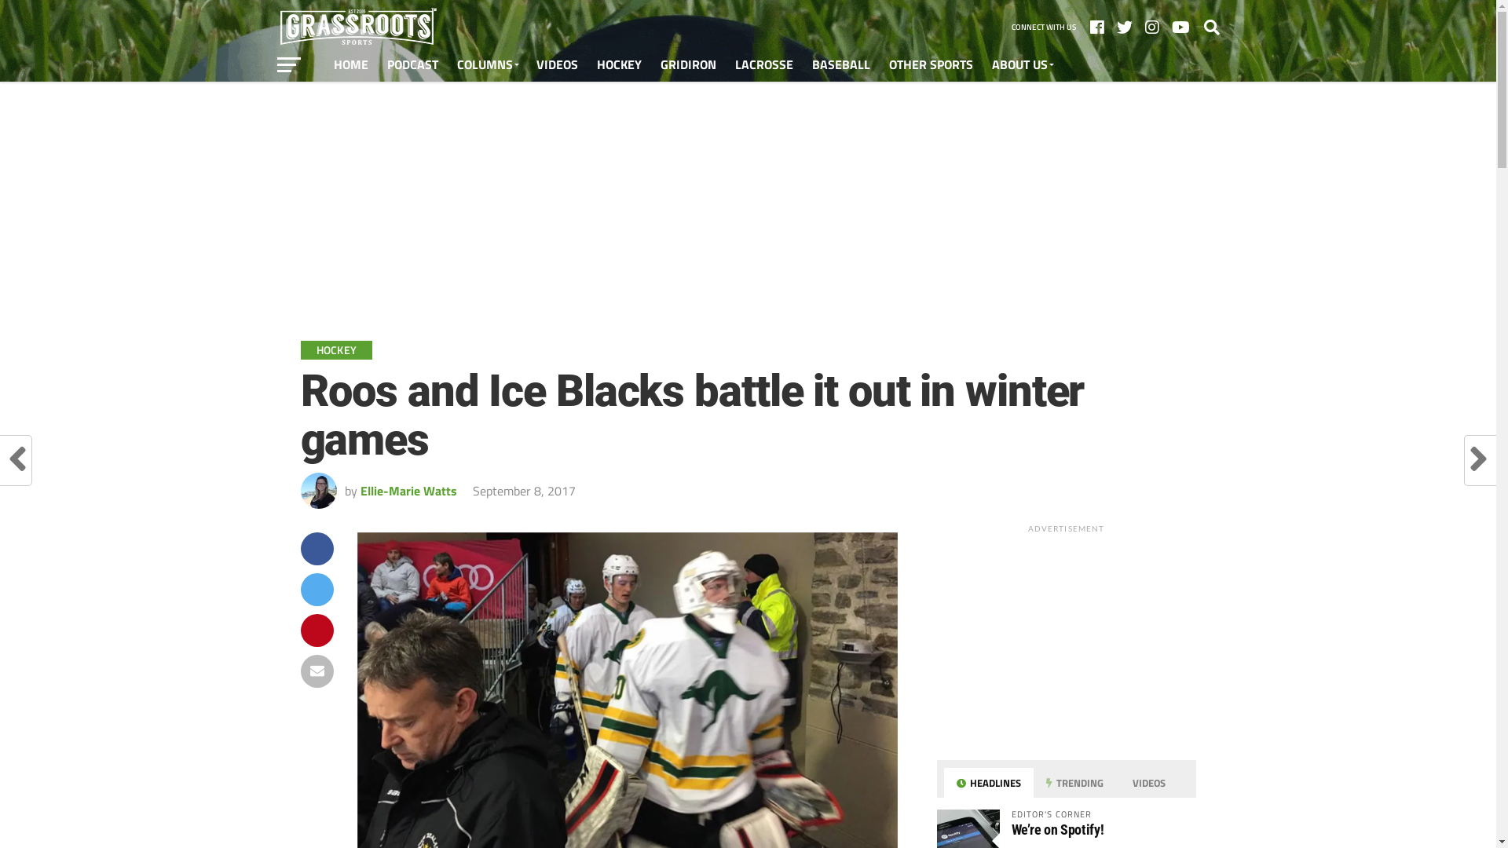 The width and height of the screenshot is (1508, 848). What do you see at coordinates (412, 63) in the screenshot?
I see `'PODCAST'` at bounding box center [412, 63].